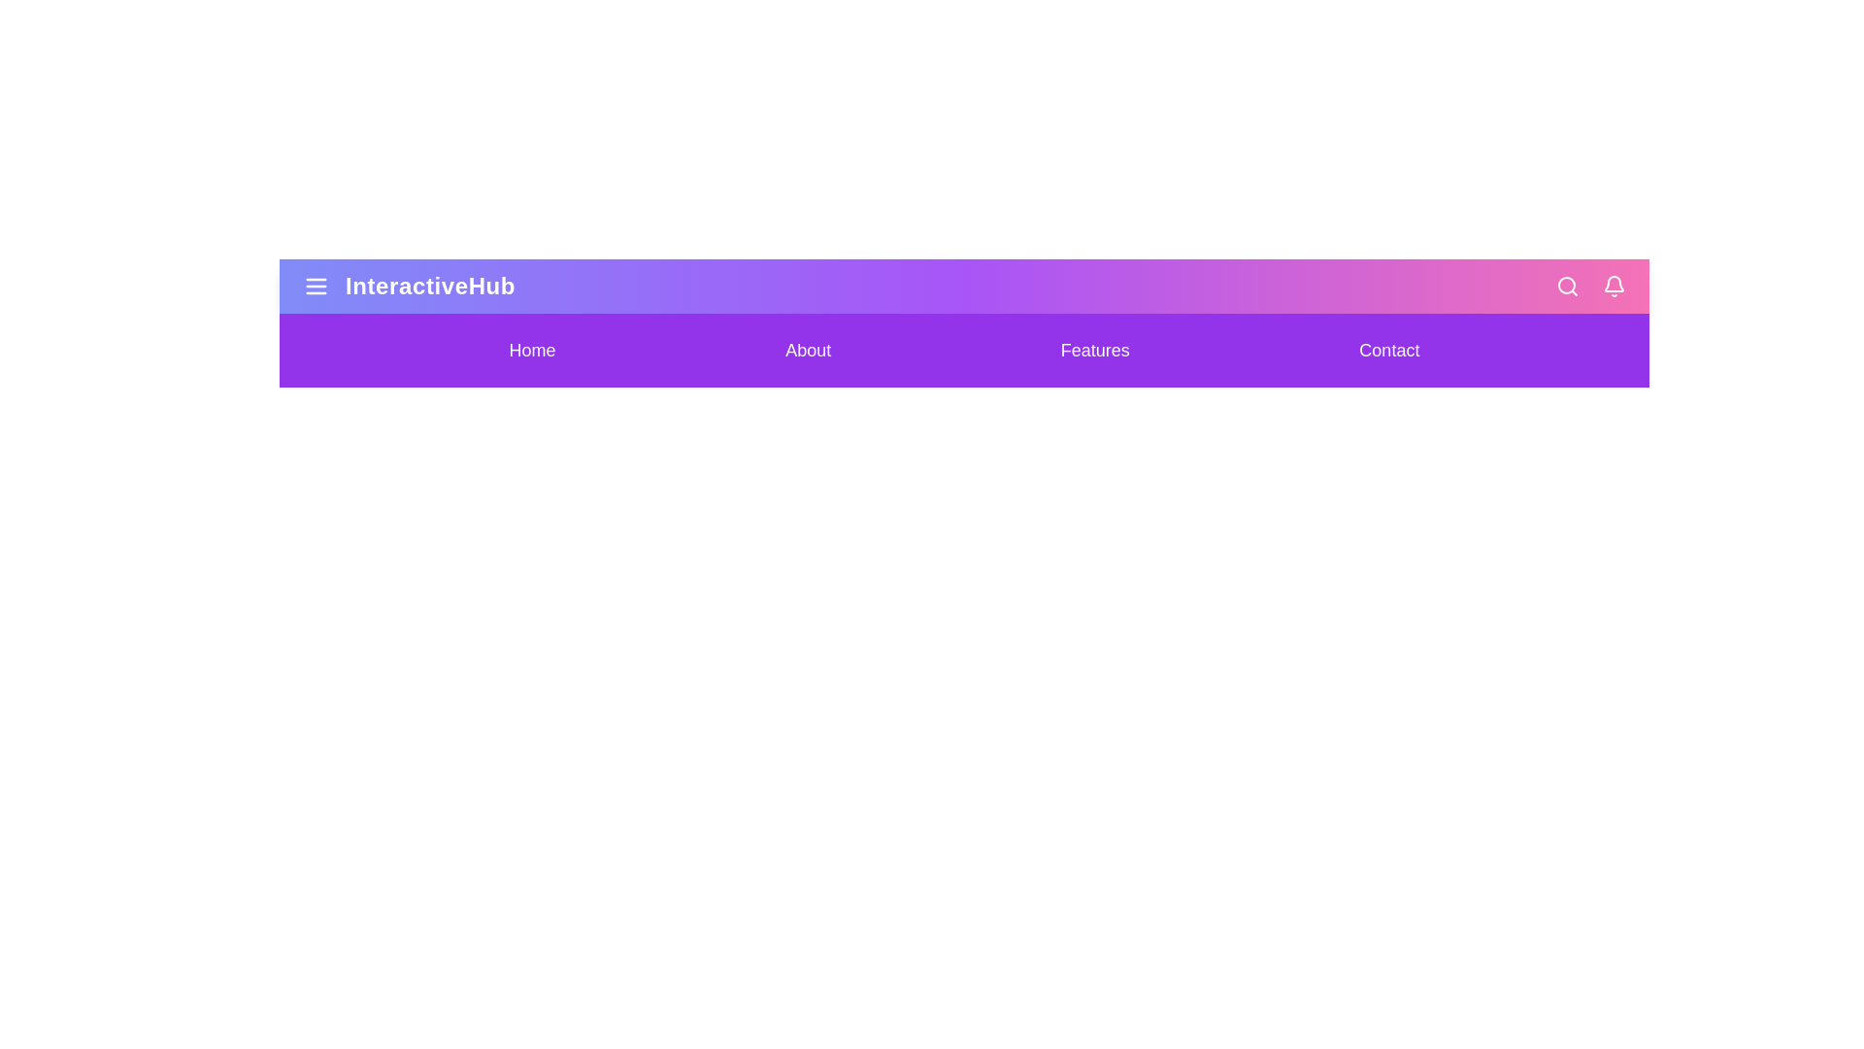  Describe the element at coordinates (429, 286) in the screenshot. I see `the text 'InteractiveHub' in the app bar` at that location.